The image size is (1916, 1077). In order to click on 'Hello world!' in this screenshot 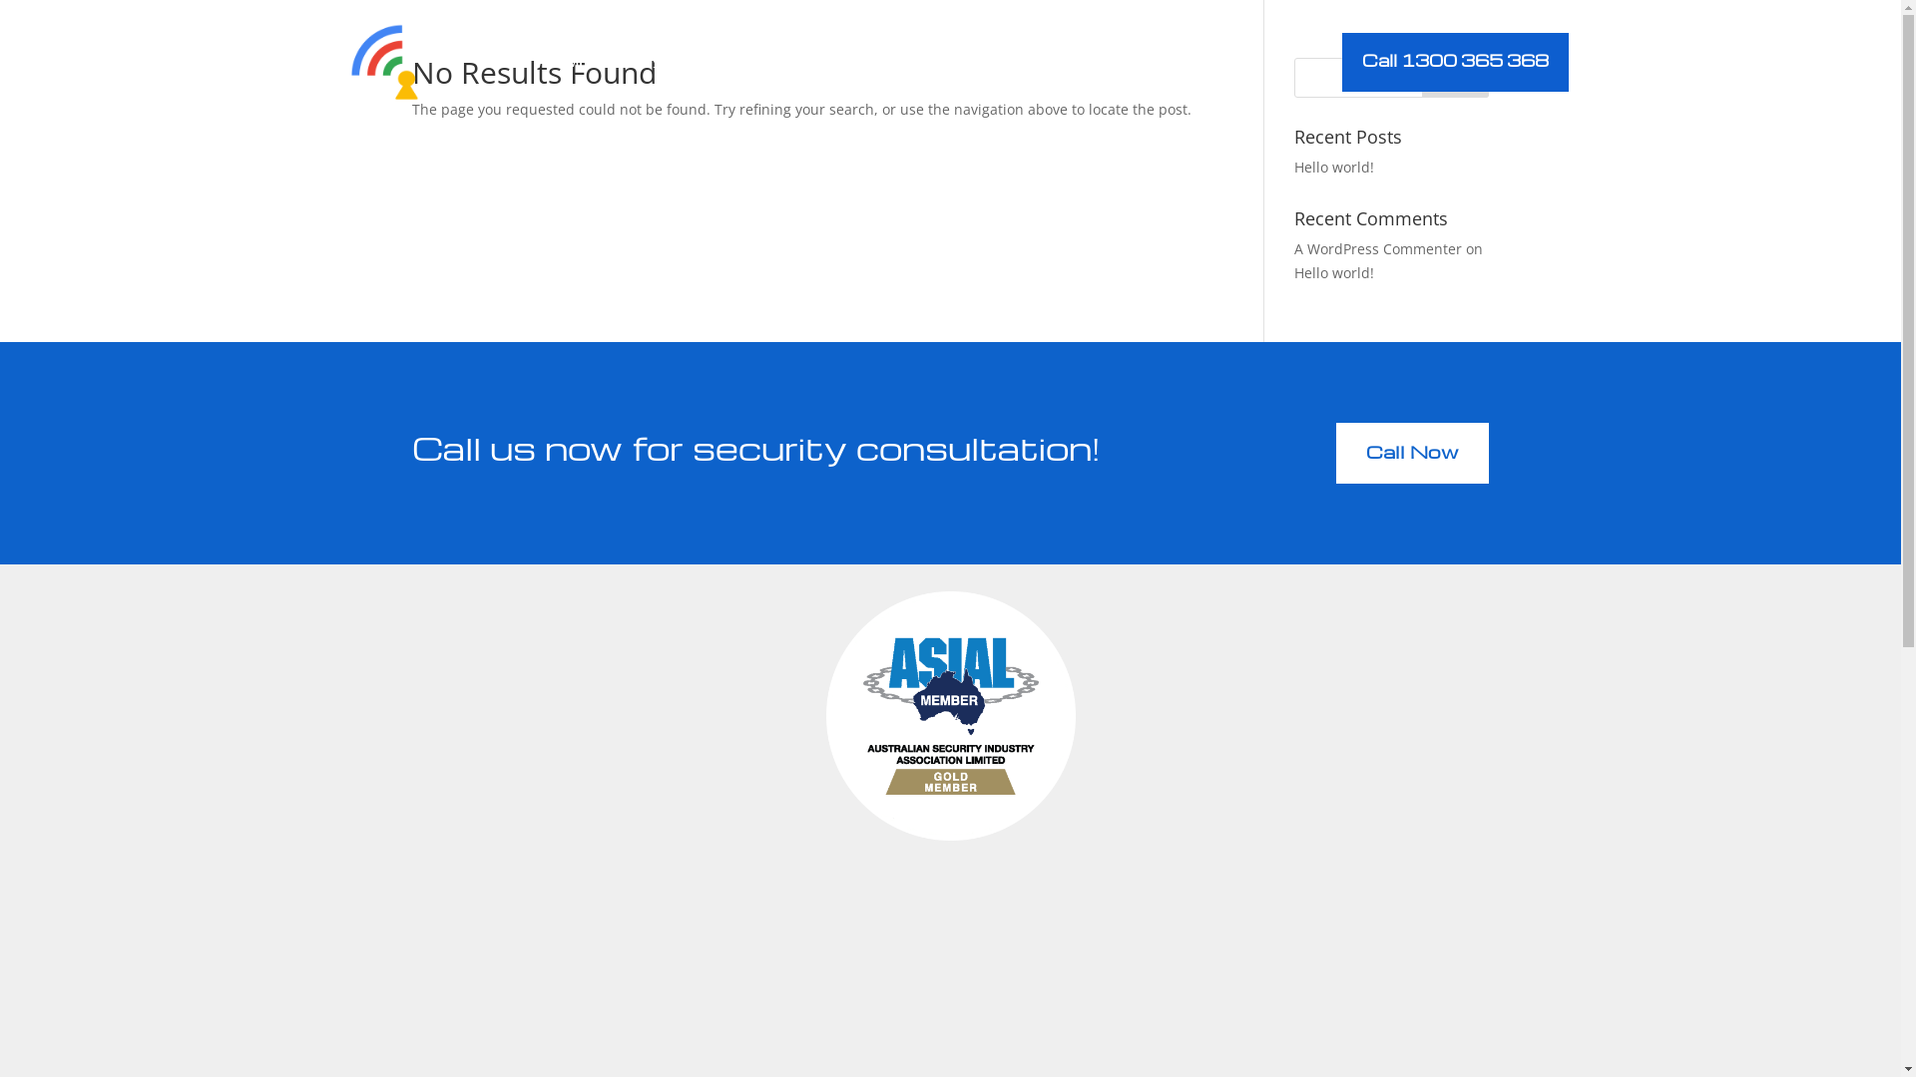, I will do `click(1334, 166)`.